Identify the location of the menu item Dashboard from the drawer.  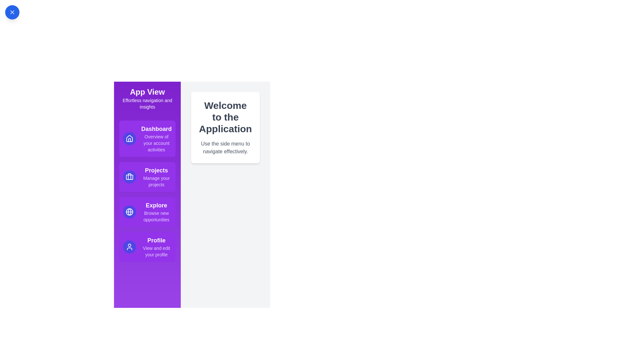
(147, 138).